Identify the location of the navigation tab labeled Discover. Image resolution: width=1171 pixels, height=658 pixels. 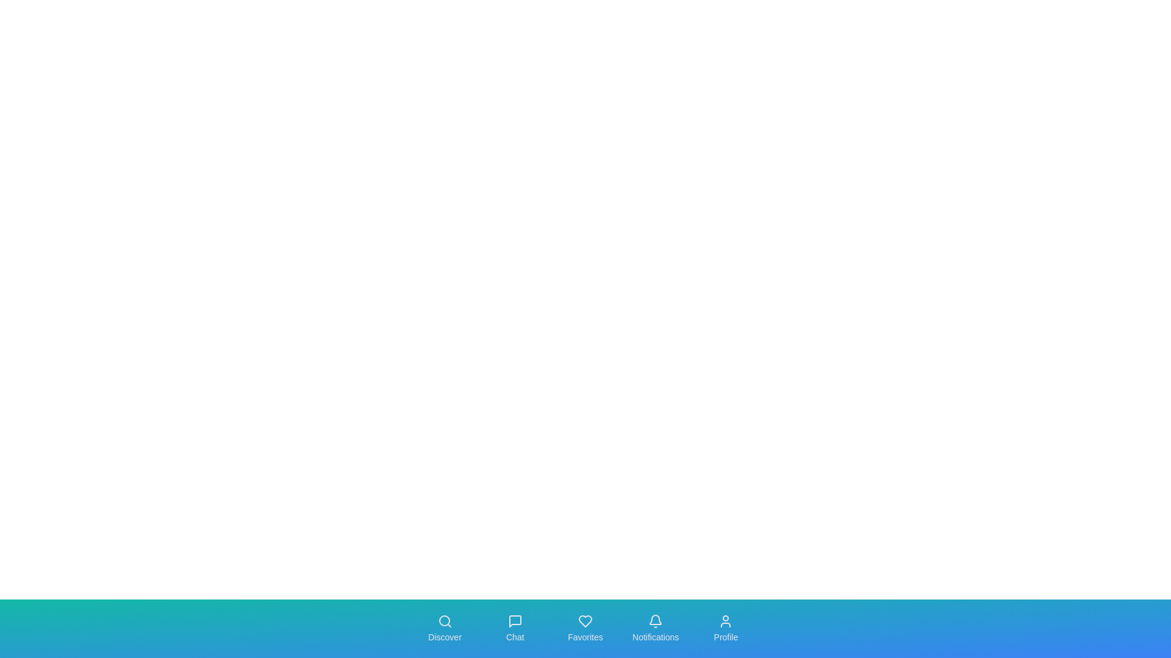
(444, 629).